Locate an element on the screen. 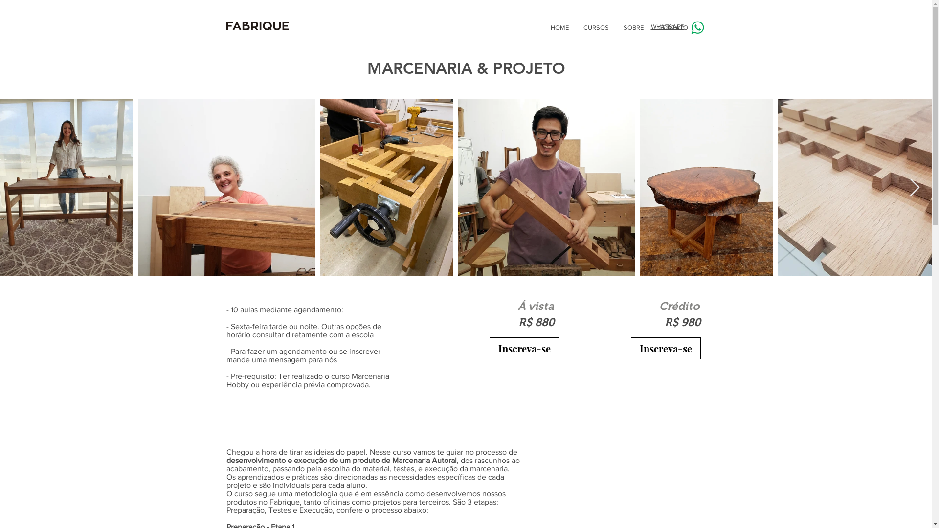  'Inscreva-se' is located at coordinates (489, 348).